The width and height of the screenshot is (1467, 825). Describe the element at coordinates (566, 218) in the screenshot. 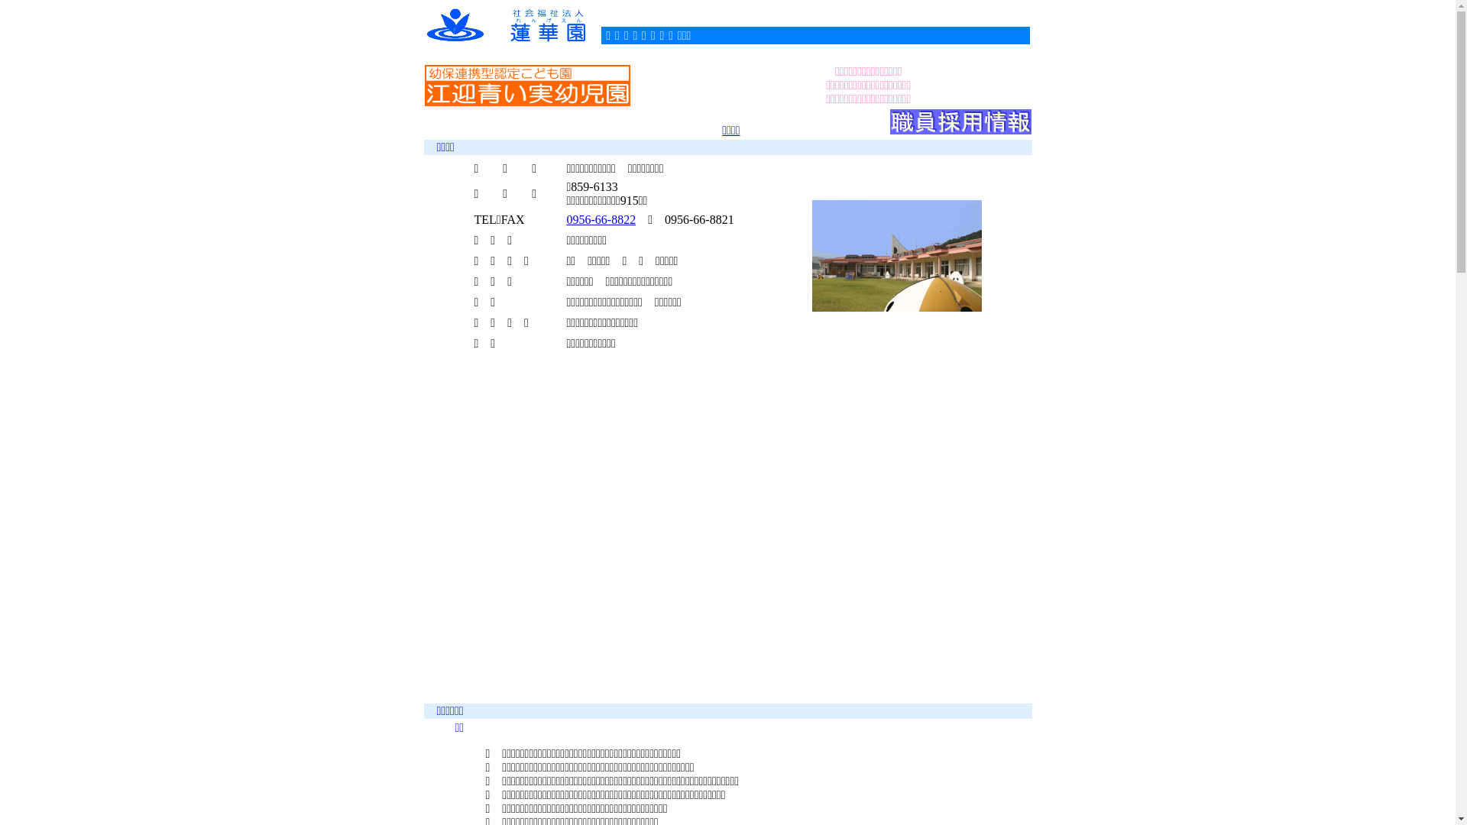

I see `'0956-66-8822'` at that location.